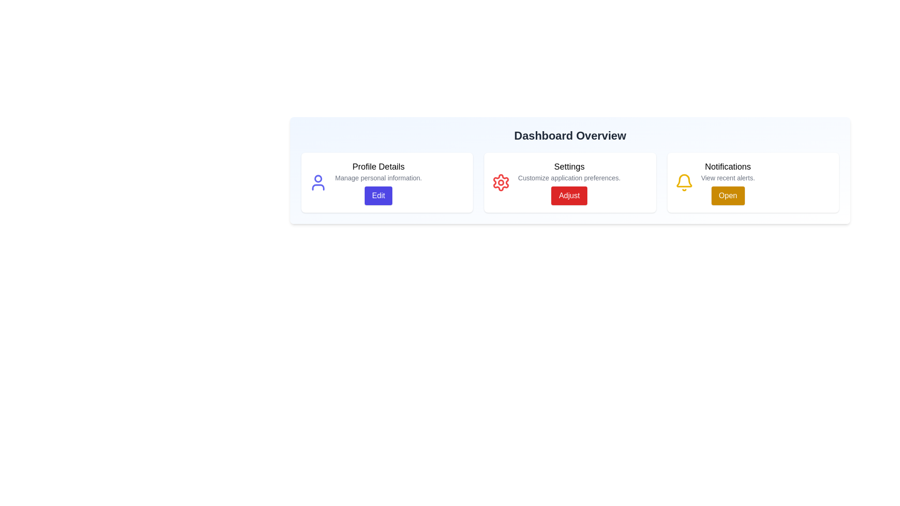 This screenshot has width=900, height=506. What do you see at coordinates (378, 178) in the screenshot?
I see `static text that says 'Manage personal information.' positioned beneath the 'Profile Details' heading and above the 'Edit' button in the leftmost card` at bounding box center [378, 178].